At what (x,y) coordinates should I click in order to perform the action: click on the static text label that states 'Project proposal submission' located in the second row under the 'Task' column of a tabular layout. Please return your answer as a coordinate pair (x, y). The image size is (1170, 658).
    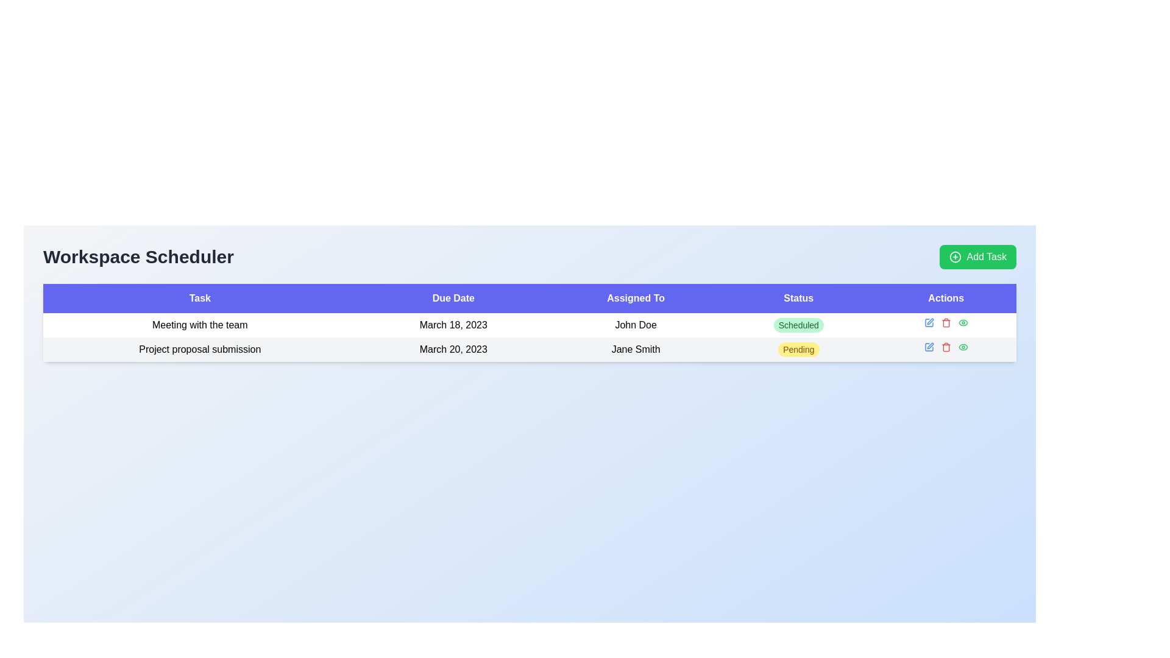
    Looking at the image, I should click on (200, 350).